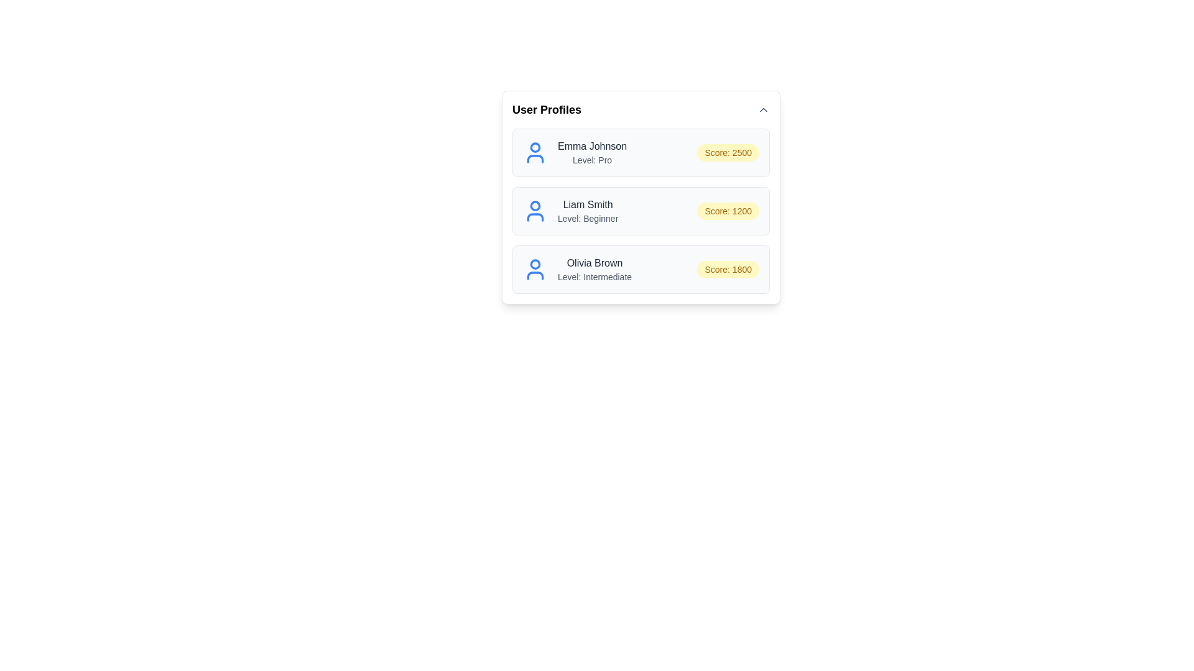 This screenshot has height=671, width=1194. I want to click on the profile information label displaying the user's name and skill level located in the second user profile card of the 'User Profiles' list, positioned right of the user icon avatar and above the score badge, so click(587, 210).